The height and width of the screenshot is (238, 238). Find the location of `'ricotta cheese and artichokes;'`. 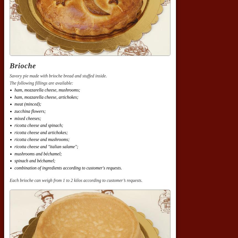

'ricotta cheese and artichokes;' is located at coordinates (14, 132).